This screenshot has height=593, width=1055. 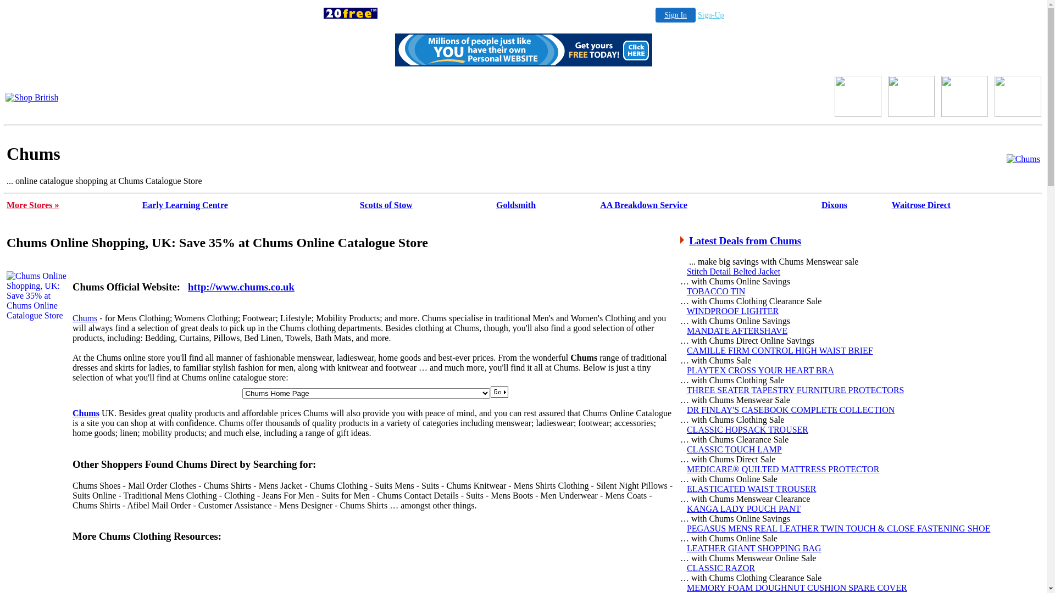 What do you see at coordinates (185, 205) in the screenshot?
I see `'Early Learning Centre'` at bounding box center [185, 205].